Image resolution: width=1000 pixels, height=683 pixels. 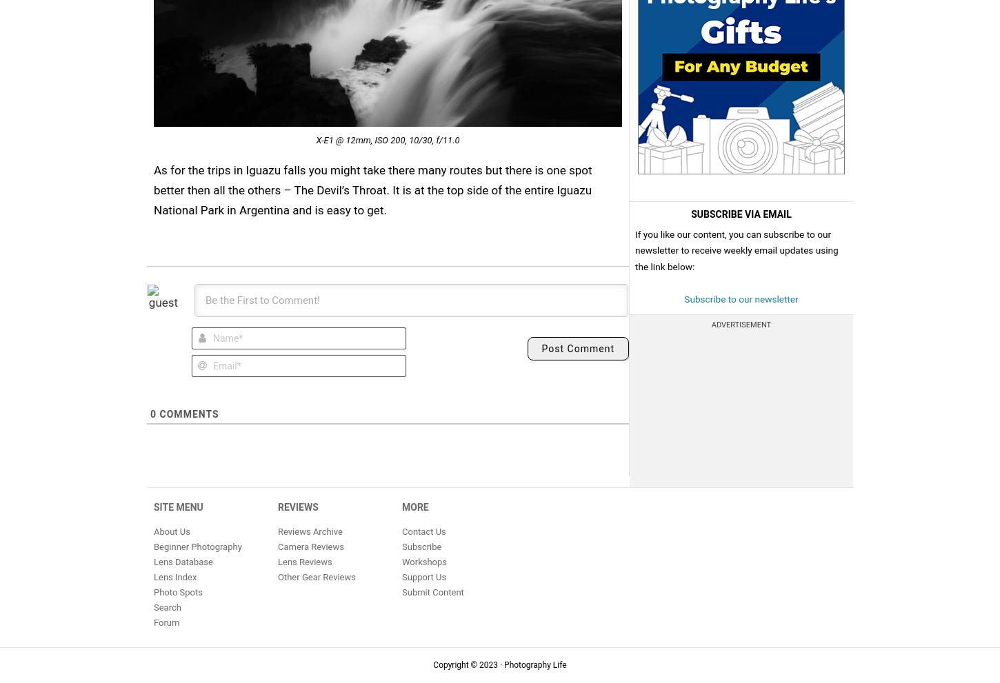 I want to click on 'Workshops', so click(x=402, y=560).